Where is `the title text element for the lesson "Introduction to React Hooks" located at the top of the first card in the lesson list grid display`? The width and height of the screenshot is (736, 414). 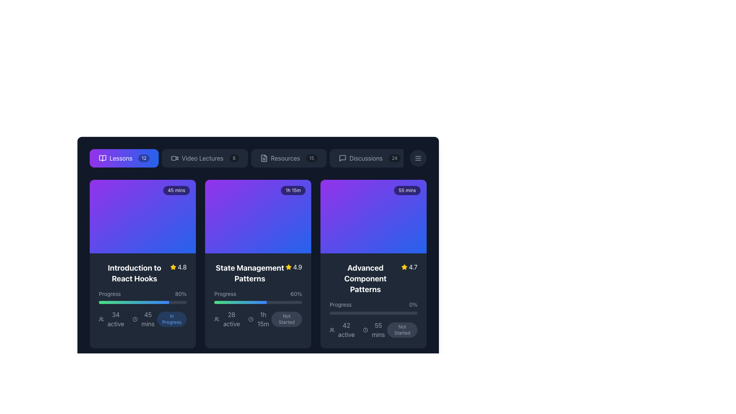 the title text element for the lesson "Introduction to React Hooks" located at the top of the first card in the lesson list grid display is located at coordinates (143, 273).